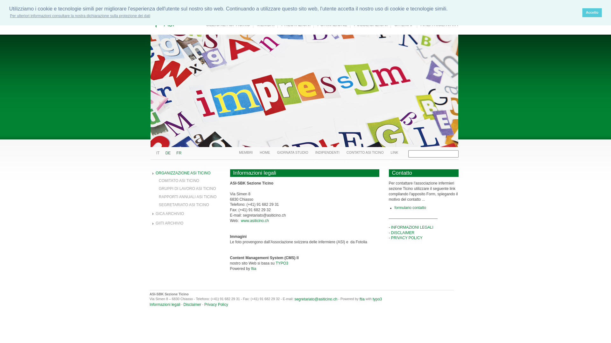  What do you see at coordinates (250, 268) in the screenshot?
I see `'ftia'` at bounding box center [250, 268].